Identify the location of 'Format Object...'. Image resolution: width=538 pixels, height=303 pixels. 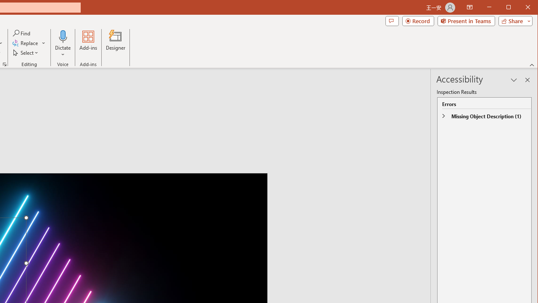
(4, 64).